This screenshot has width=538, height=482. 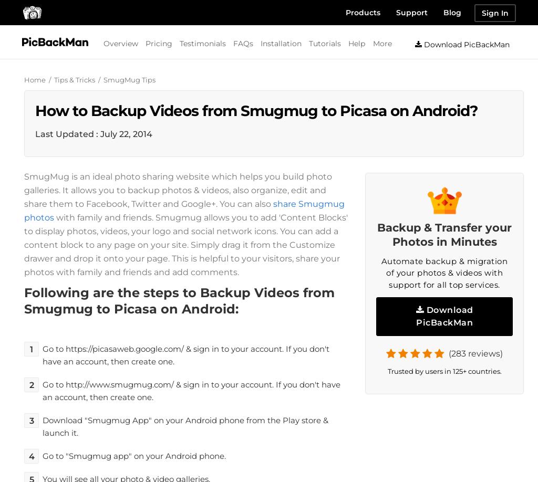 I want to click on 'Last Updated :', so click(x=67, y=133).